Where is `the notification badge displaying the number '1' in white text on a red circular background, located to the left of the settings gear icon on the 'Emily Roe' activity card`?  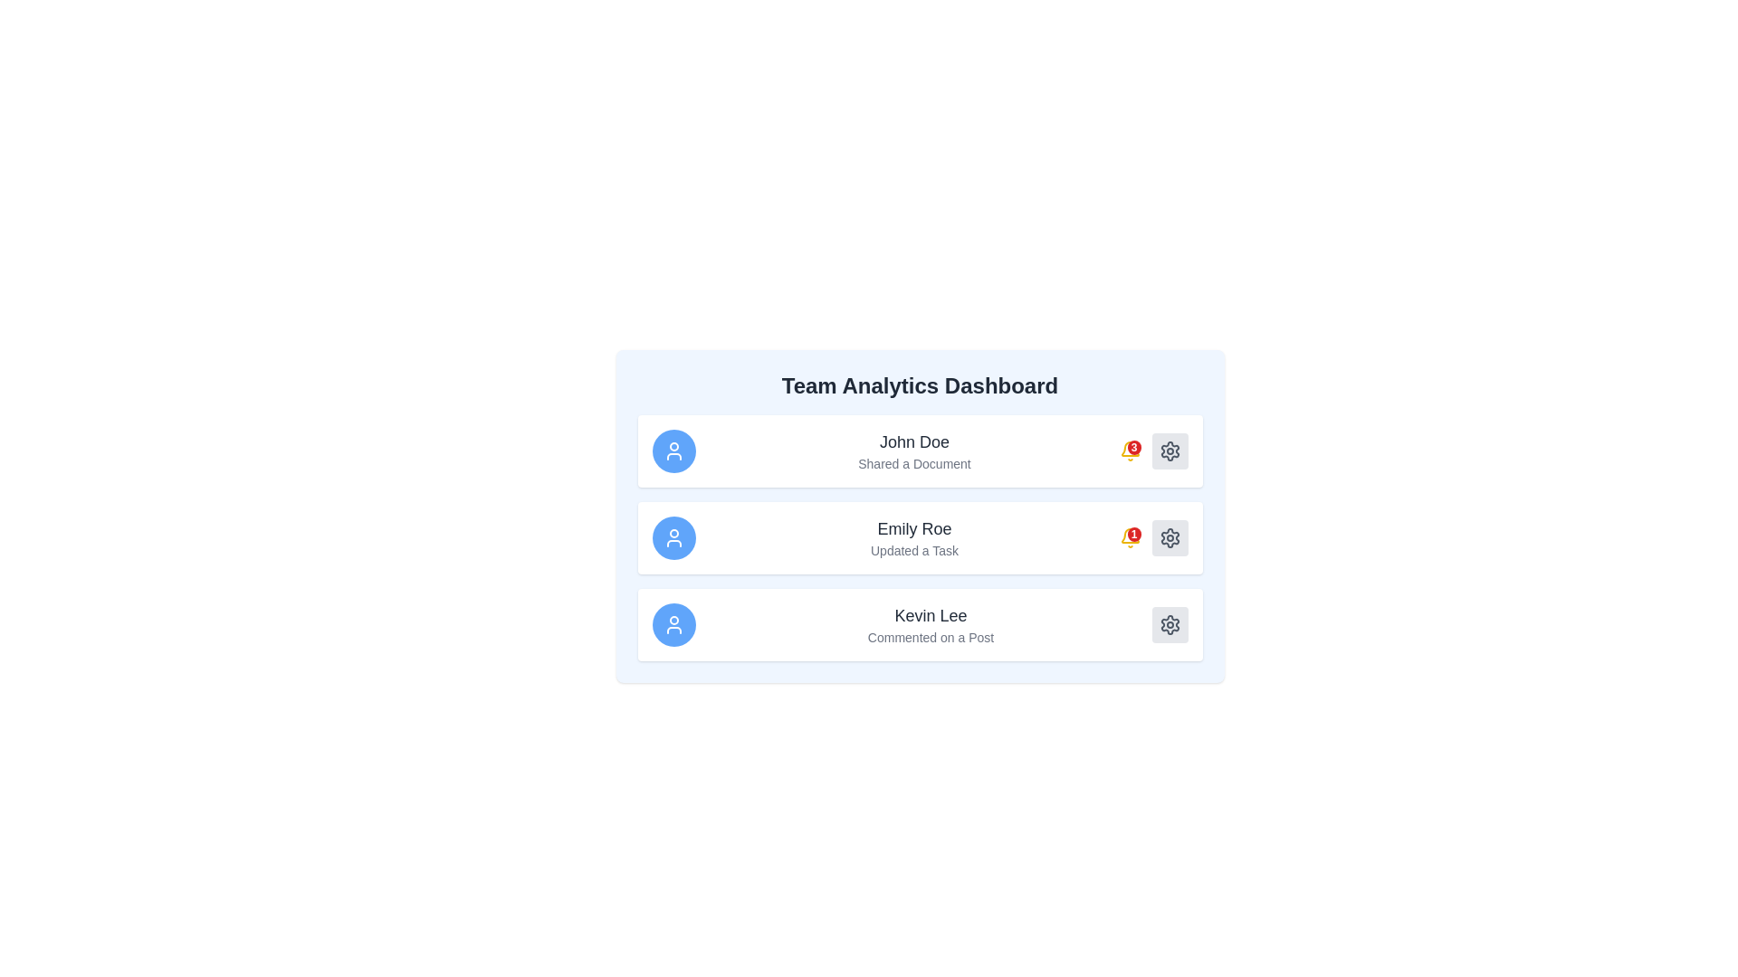 the notification badge displaying the number '1' in white text on a red circular background, located to the left of the settings gear icon on the 'Emily Roe' activity card is located at coordinates (1152, 536).